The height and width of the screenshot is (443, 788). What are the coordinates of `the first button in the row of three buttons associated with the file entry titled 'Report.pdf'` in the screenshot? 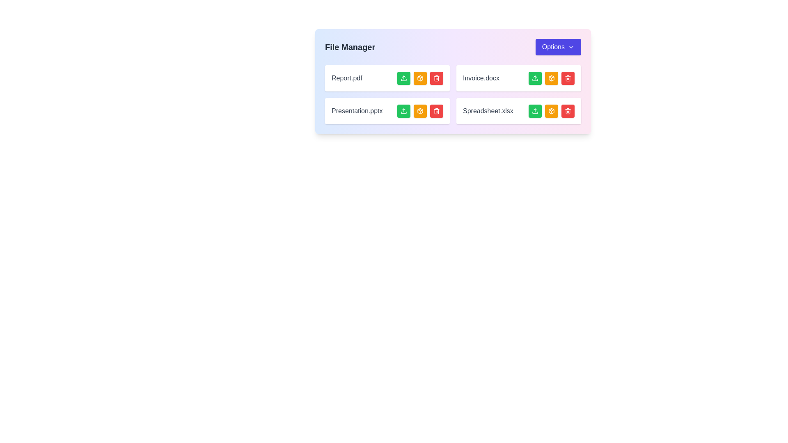 It's located at (403, 78).